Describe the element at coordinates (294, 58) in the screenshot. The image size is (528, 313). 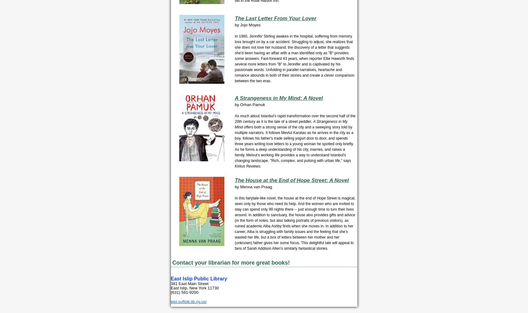
I see `'In 1960, Jennifer Stirling awakes in the hospital, suffering from memory loss brought on by a car accident. Struggling to adjust, she realizes that she does not love her husband; the discovery of a letter that suggests she'd been having an affair with a man identified only as "B" provides some answers. Fast-forward 43 years, when reporter Ellie Haworth finds several more letters from "B" to Jennifer and is captivated by his passionate words. Unfolding in parallel narratives, heartache and romance abounds in both of their stories and create a clever comparison between the two eras.'` at that location.